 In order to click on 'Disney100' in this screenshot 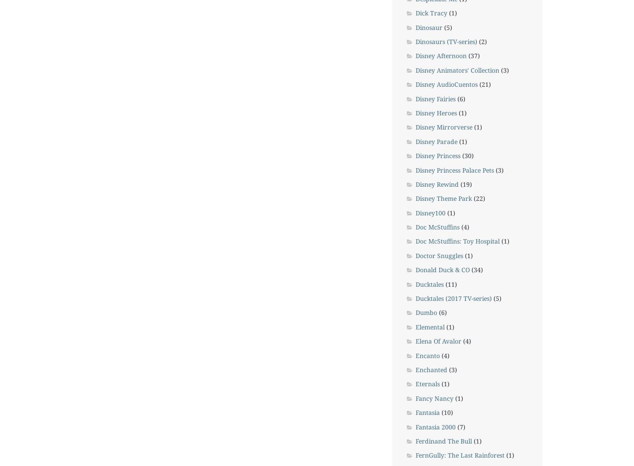, I will do `click(430, 212)`.